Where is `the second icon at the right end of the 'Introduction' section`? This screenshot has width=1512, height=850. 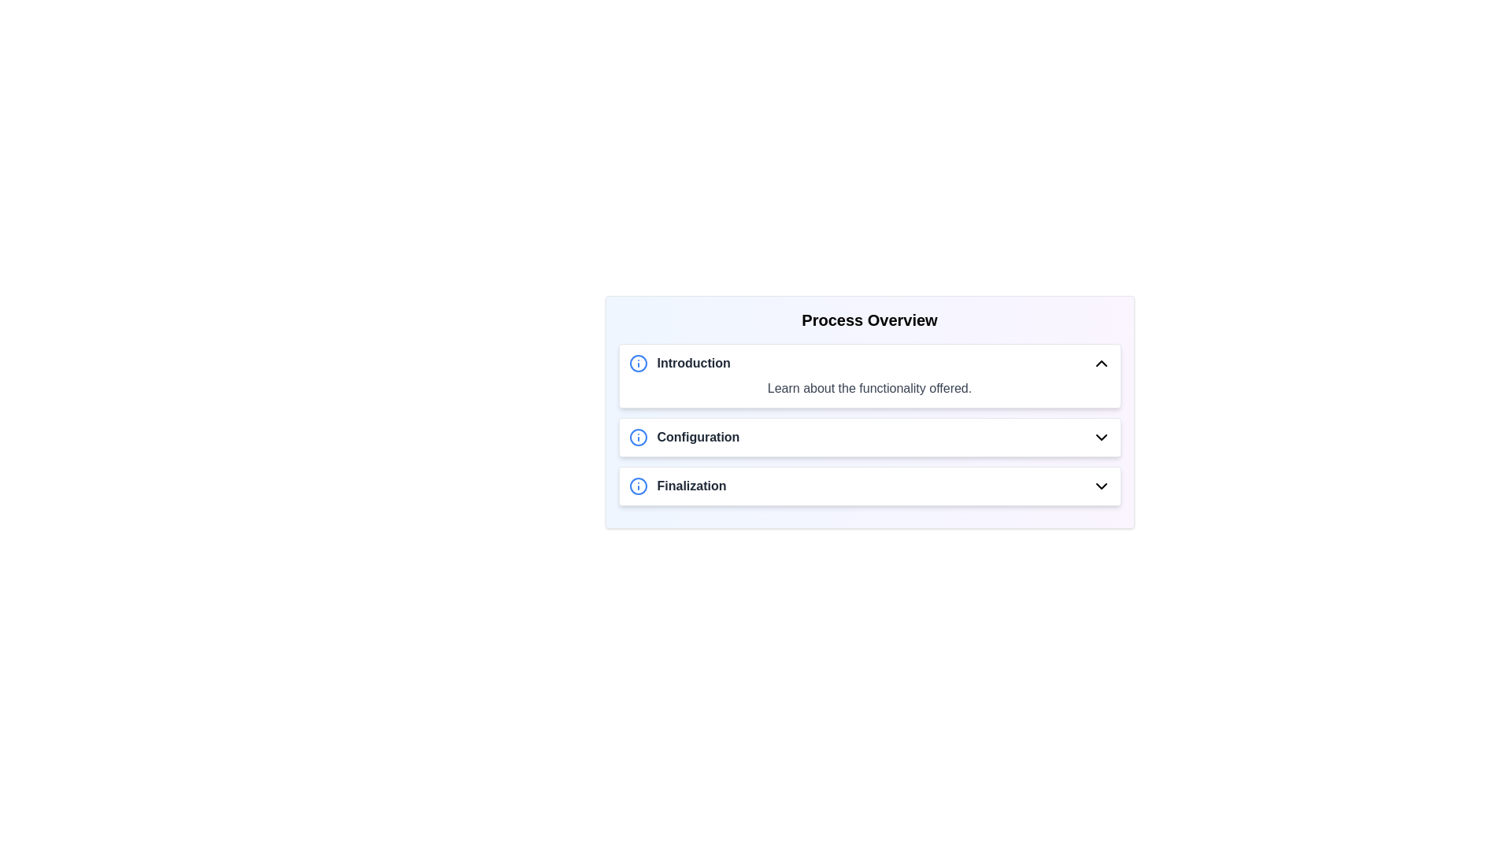
the second icon at the right end of the 'Introduction' section is located at coordinates (1100, 364).